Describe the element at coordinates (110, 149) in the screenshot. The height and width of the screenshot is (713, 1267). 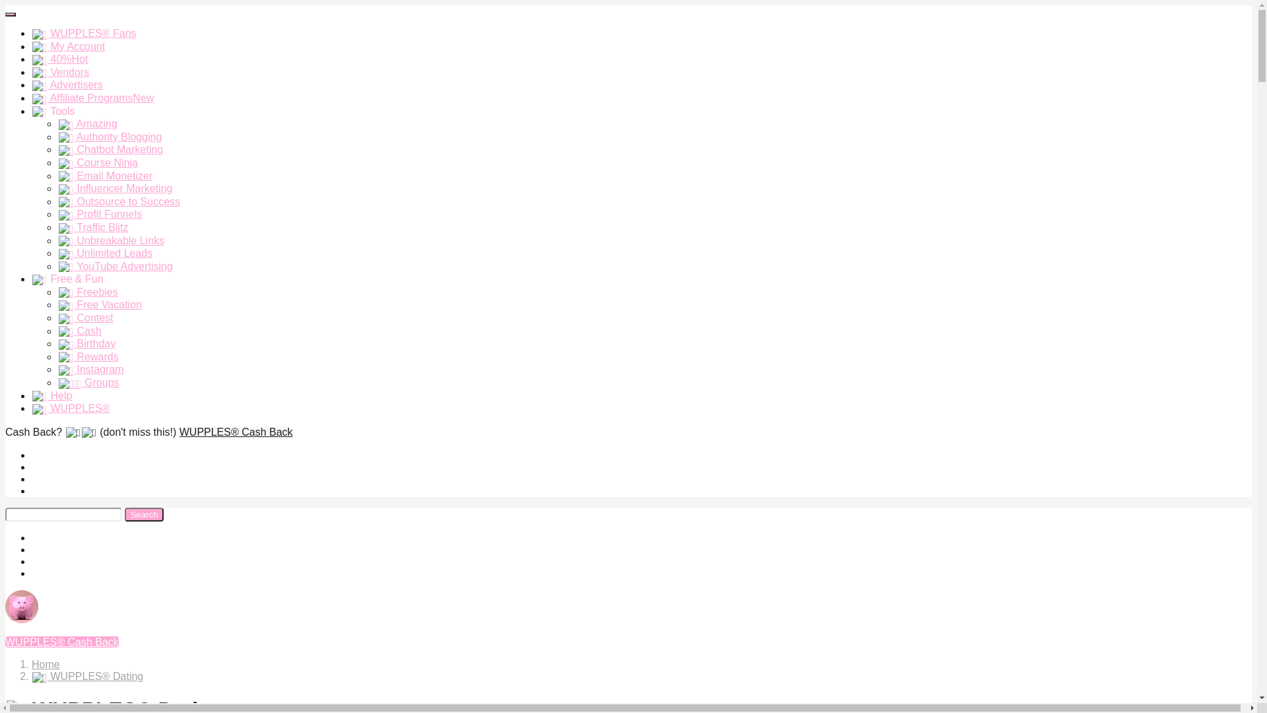
I see `'Chatbot Marketing'` at that location.